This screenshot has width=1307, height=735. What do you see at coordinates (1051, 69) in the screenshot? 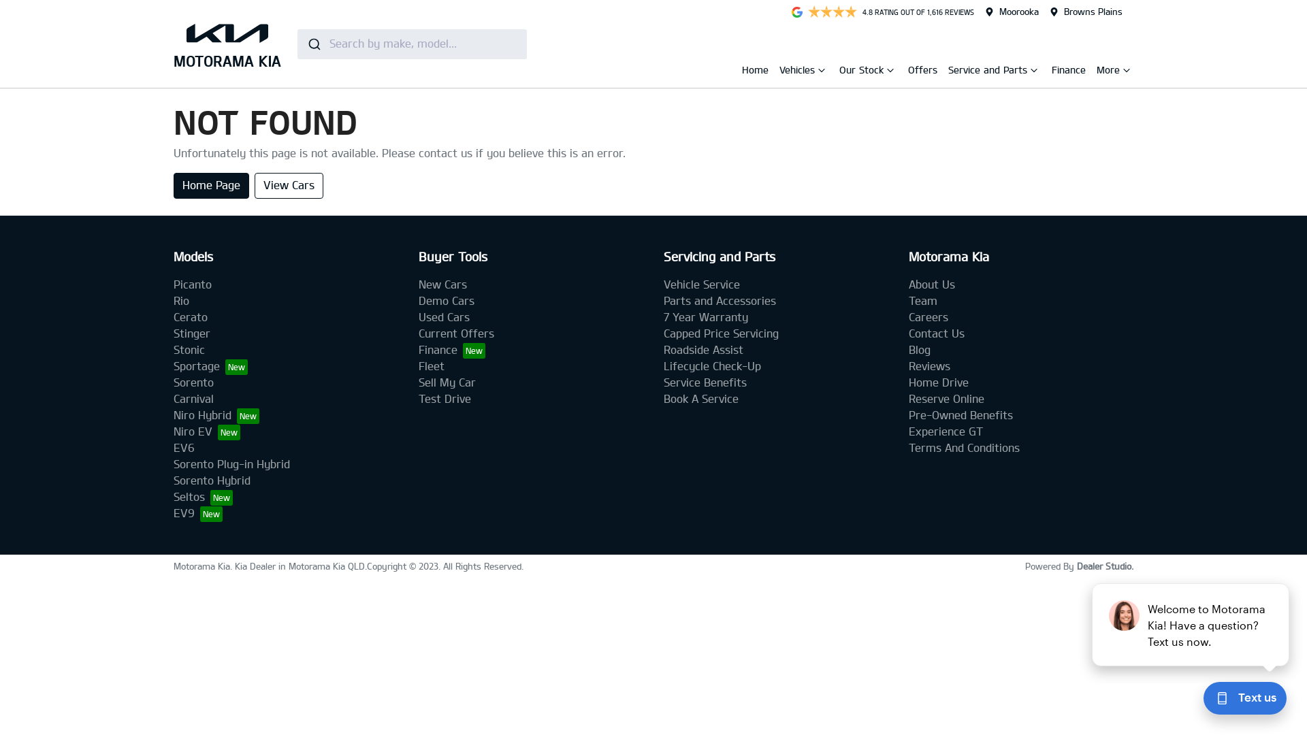
I see `'Finance'` at bounding box center [1051, 69].